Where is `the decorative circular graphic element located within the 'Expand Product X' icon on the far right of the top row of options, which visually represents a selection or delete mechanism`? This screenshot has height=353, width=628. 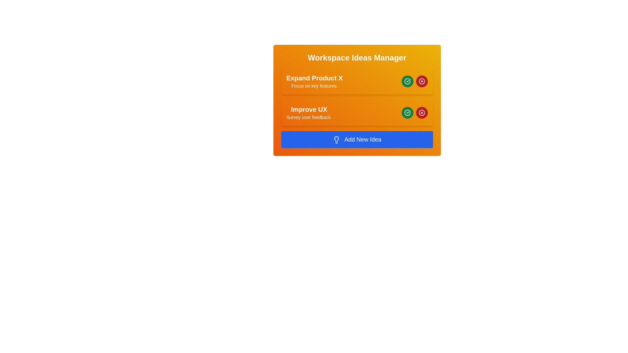
the decorative circular graphic element located within the 'Expand Product X' icon on the far right of the top row of options, which visually represents a selection or delete mechanism is located at coordinates (422, 81).